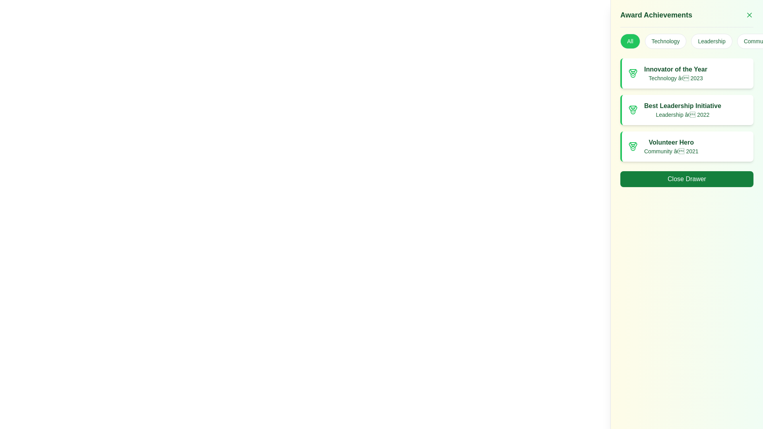 The width and height of the screenshot is (763, 429). Describe the element at coordinates (633, 145) in the screenshot. I see `the decorative shape within the 'Volunteer Hero' achievement medal icon, which is styled in green and located at the center-bottom of the top-right panel` at that location.